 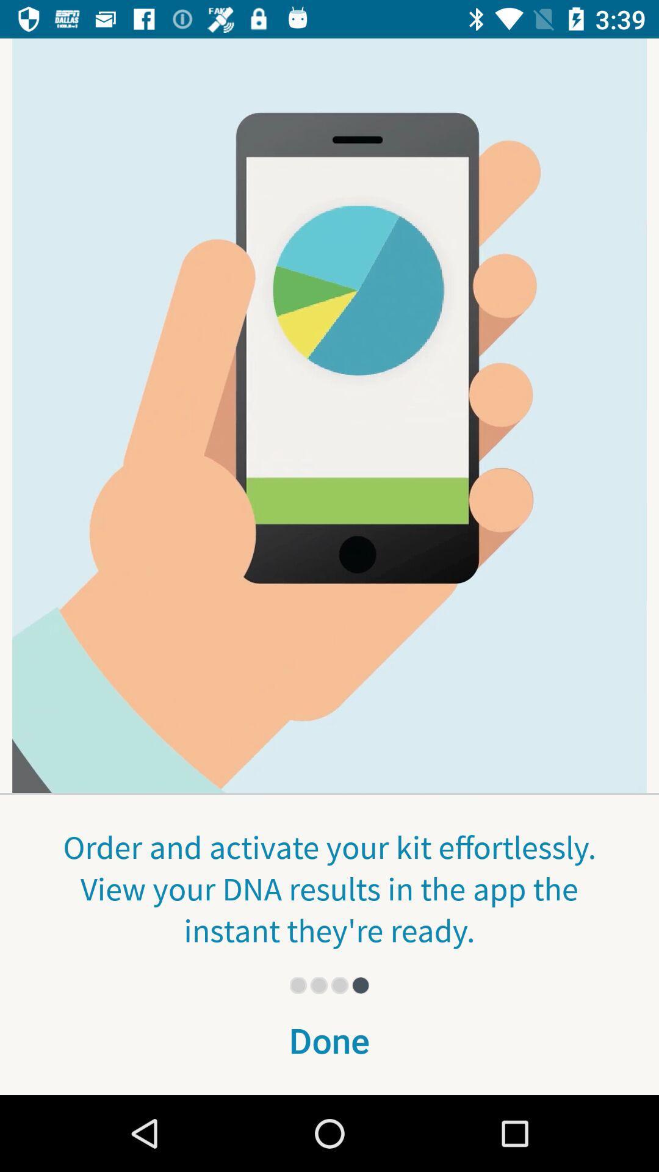 What do you see at coordinates (329, 1047) in the screenshot?
I see `done button` at bounding box center [329, 1047].